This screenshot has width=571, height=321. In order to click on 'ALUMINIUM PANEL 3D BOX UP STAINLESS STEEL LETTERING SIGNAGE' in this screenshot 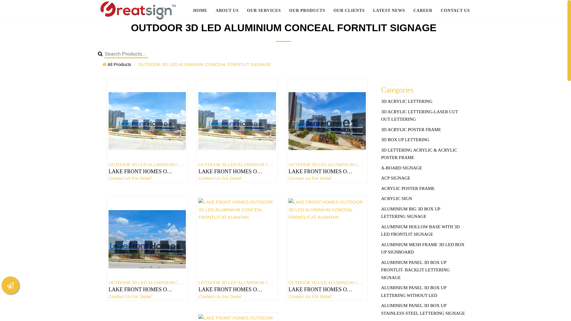, I will do `click(423, 309)`.